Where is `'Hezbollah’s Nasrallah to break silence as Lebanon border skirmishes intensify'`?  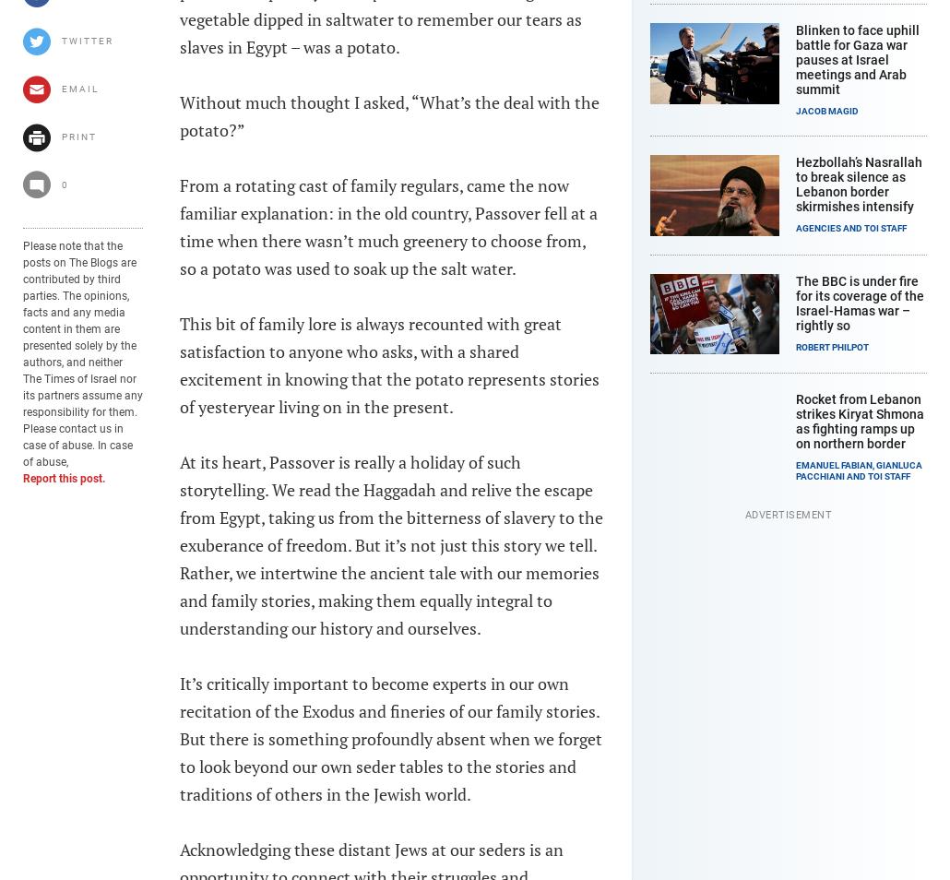
'Hezbollah’s Nasrallah to break silence as Lebanon border skirmishes intensify' is located at coordinates (859, 183).